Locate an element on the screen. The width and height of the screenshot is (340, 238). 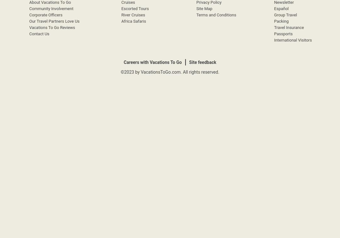
'Group Travel' is located at coordinates (285, 15).